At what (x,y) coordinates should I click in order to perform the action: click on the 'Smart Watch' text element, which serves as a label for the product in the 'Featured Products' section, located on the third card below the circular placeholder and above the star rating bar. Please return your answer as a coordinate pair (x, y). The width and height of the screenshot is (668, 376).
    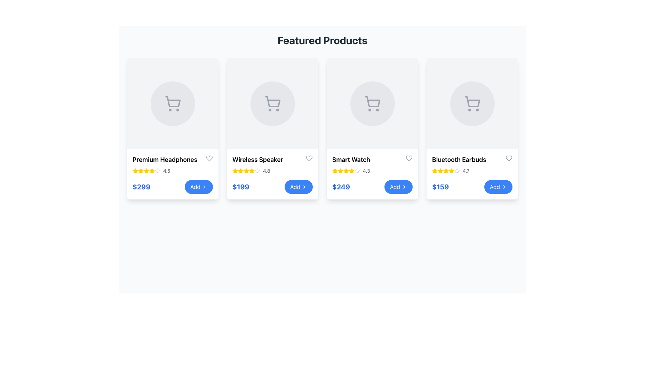
    Looking at the image, I should click on (351, 160).